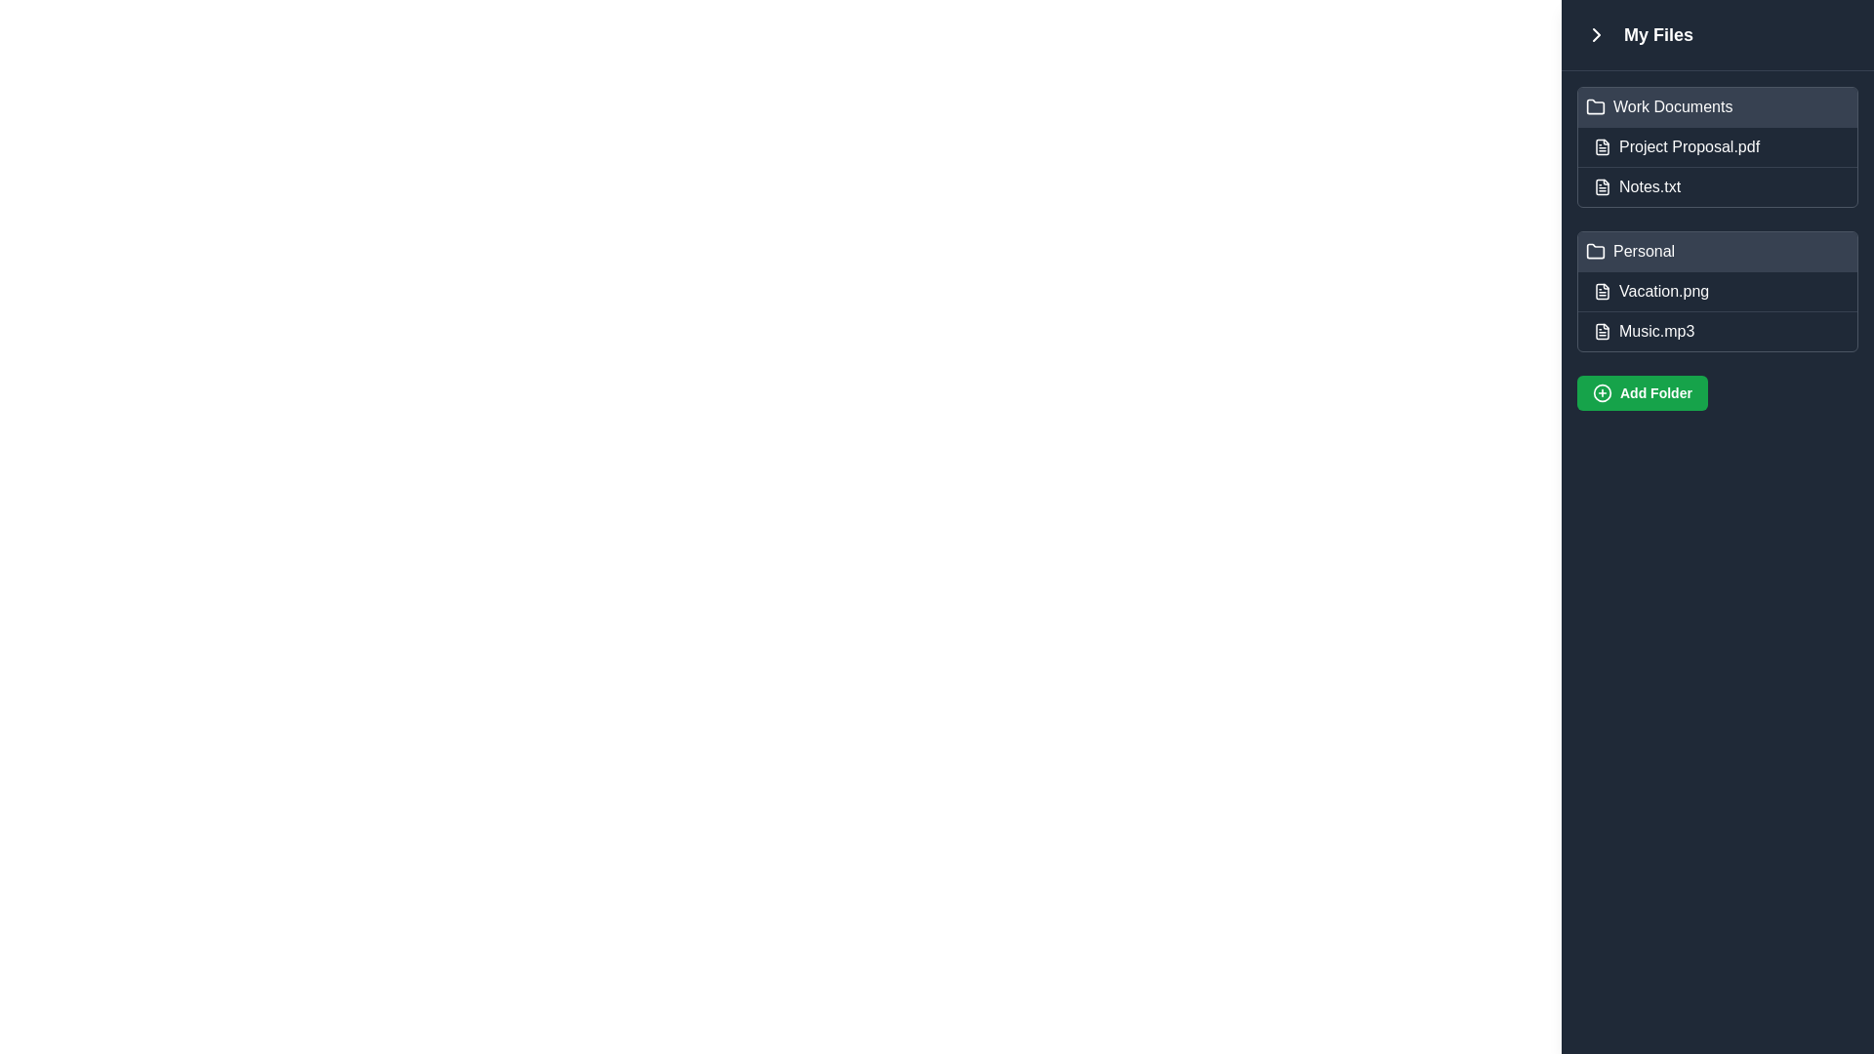  What do you see at coordinates (1663, 292) in the screenshot?
I see `the text label displaying 'Vacation.png'` at bounding box center [1663, 292].